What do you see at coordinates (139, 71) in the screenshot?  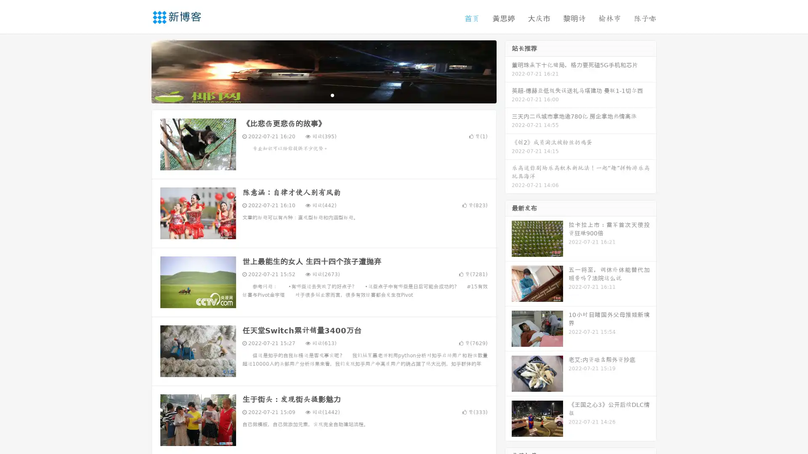 I see `Previous slide` at bounding box center [139, 71].